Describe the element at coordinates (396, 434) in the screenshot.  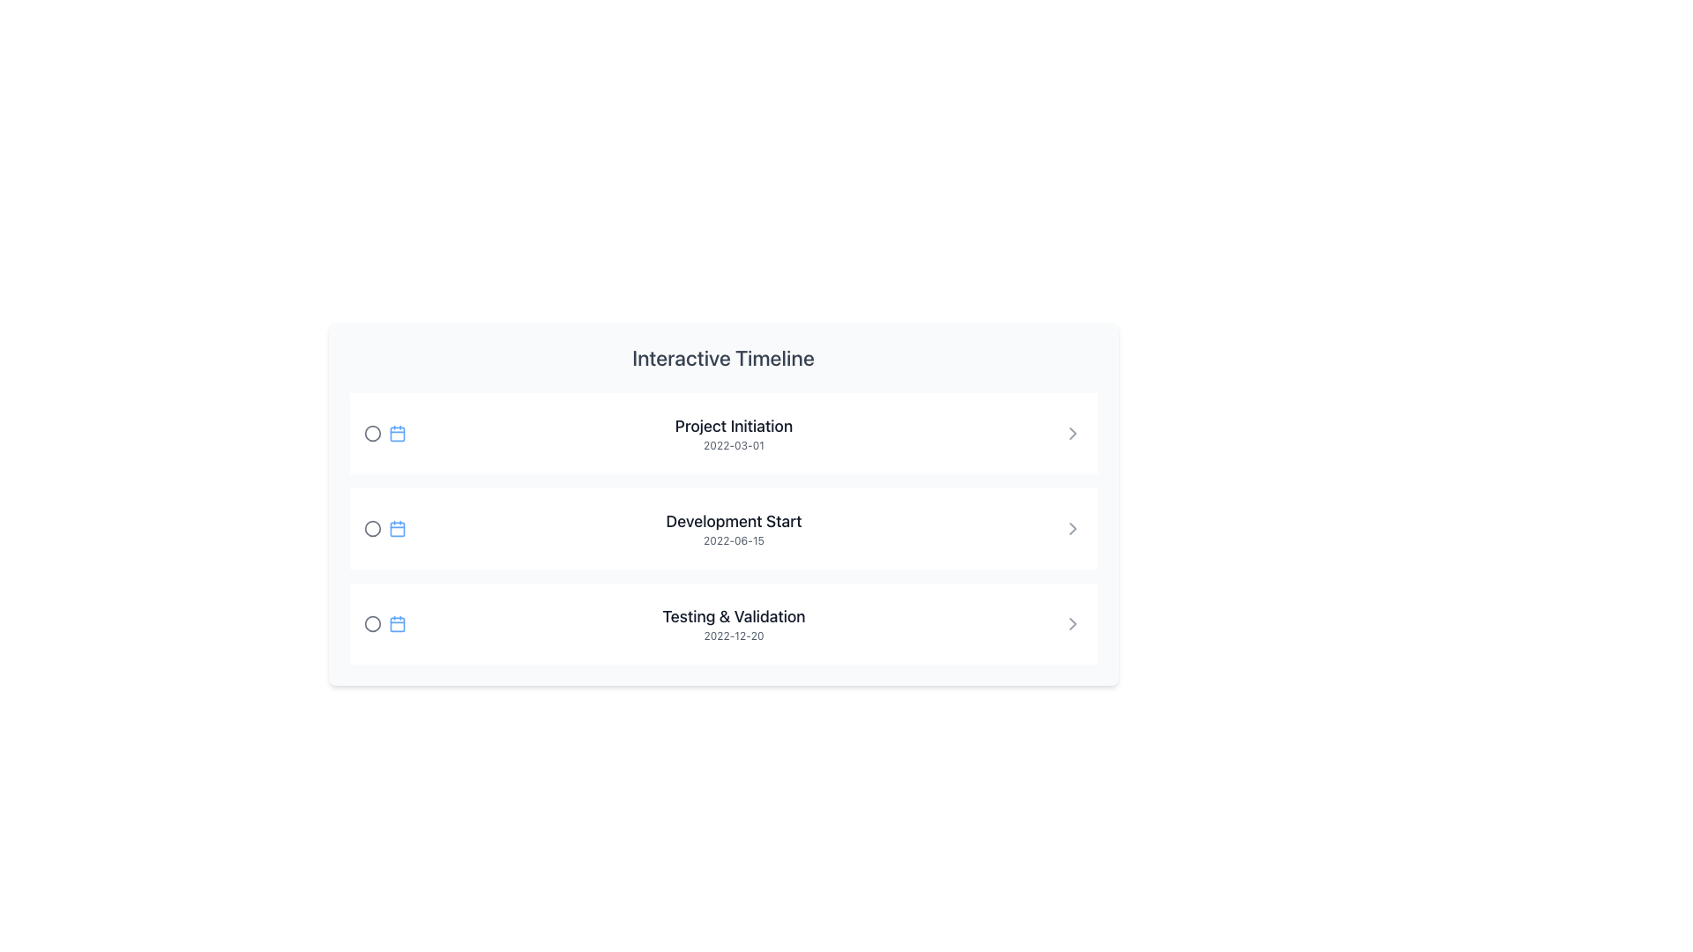
I see `decorative square element located within the first calendar icon on the left side of the 'Project Initiation' entry` at that location.